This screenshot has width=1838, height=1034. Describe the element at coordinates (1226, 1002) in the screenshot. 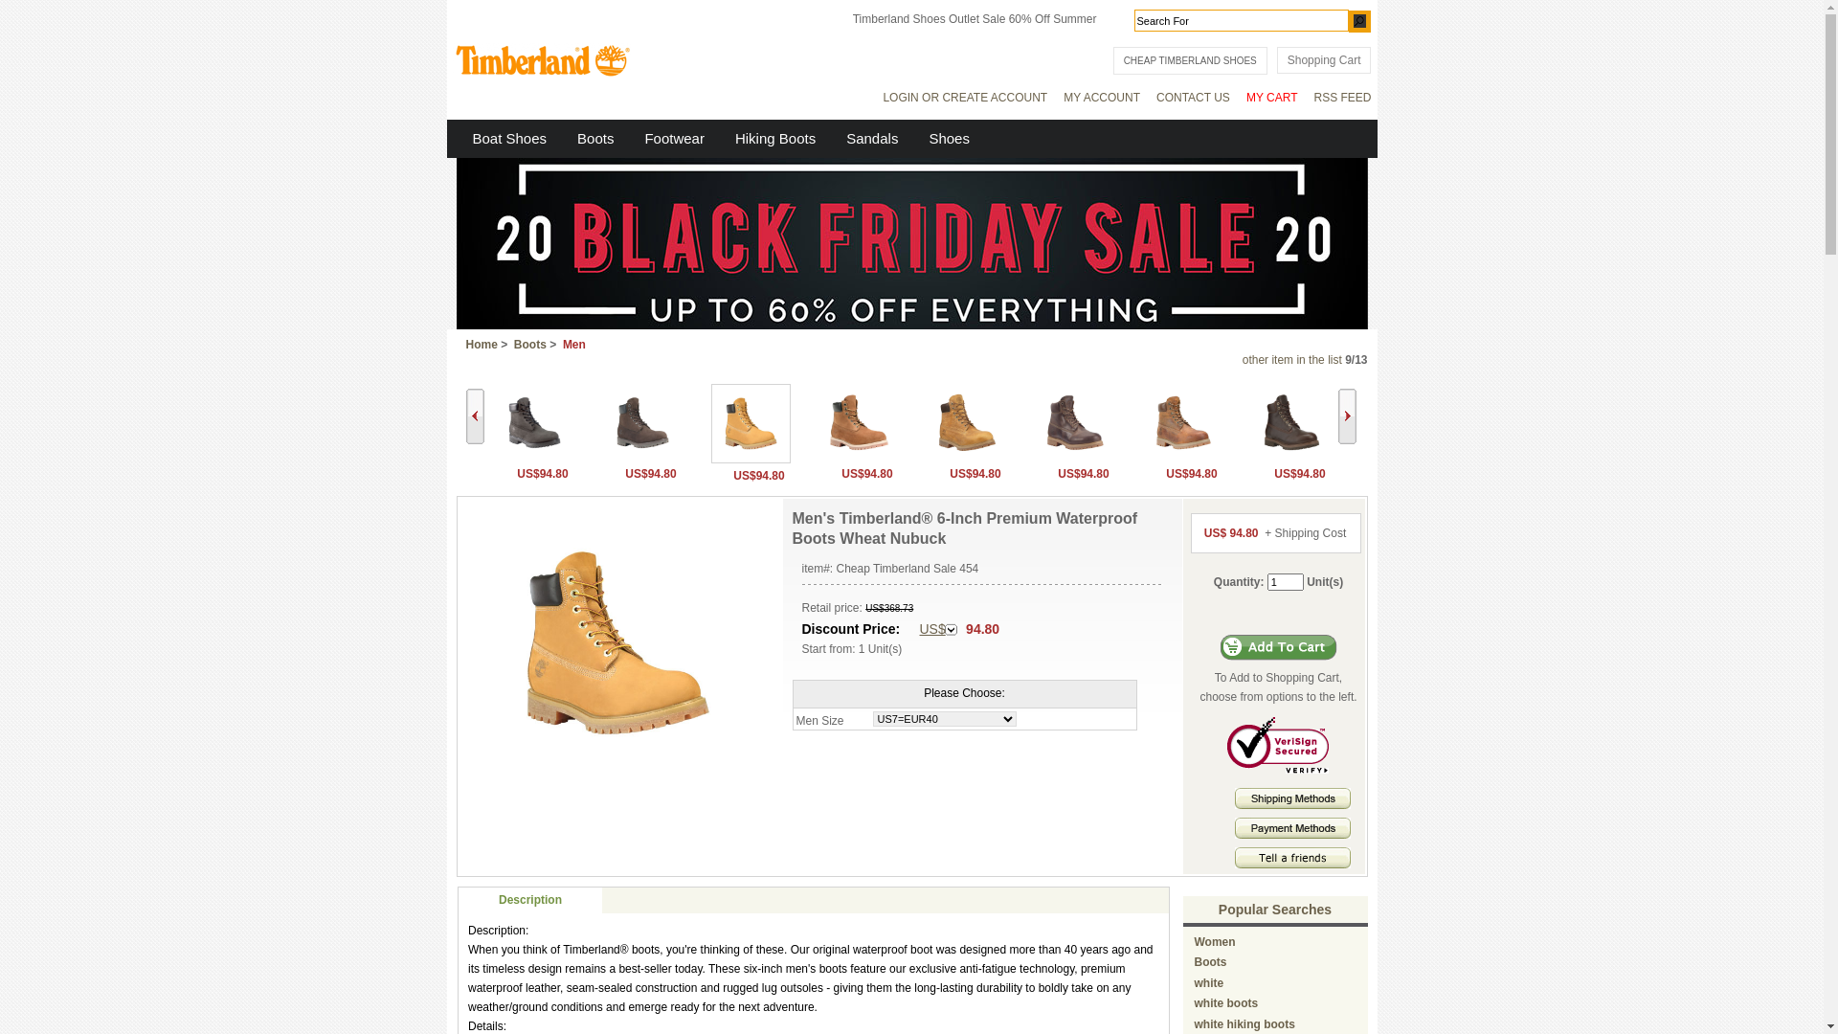

I see `'white boots'` at that location.